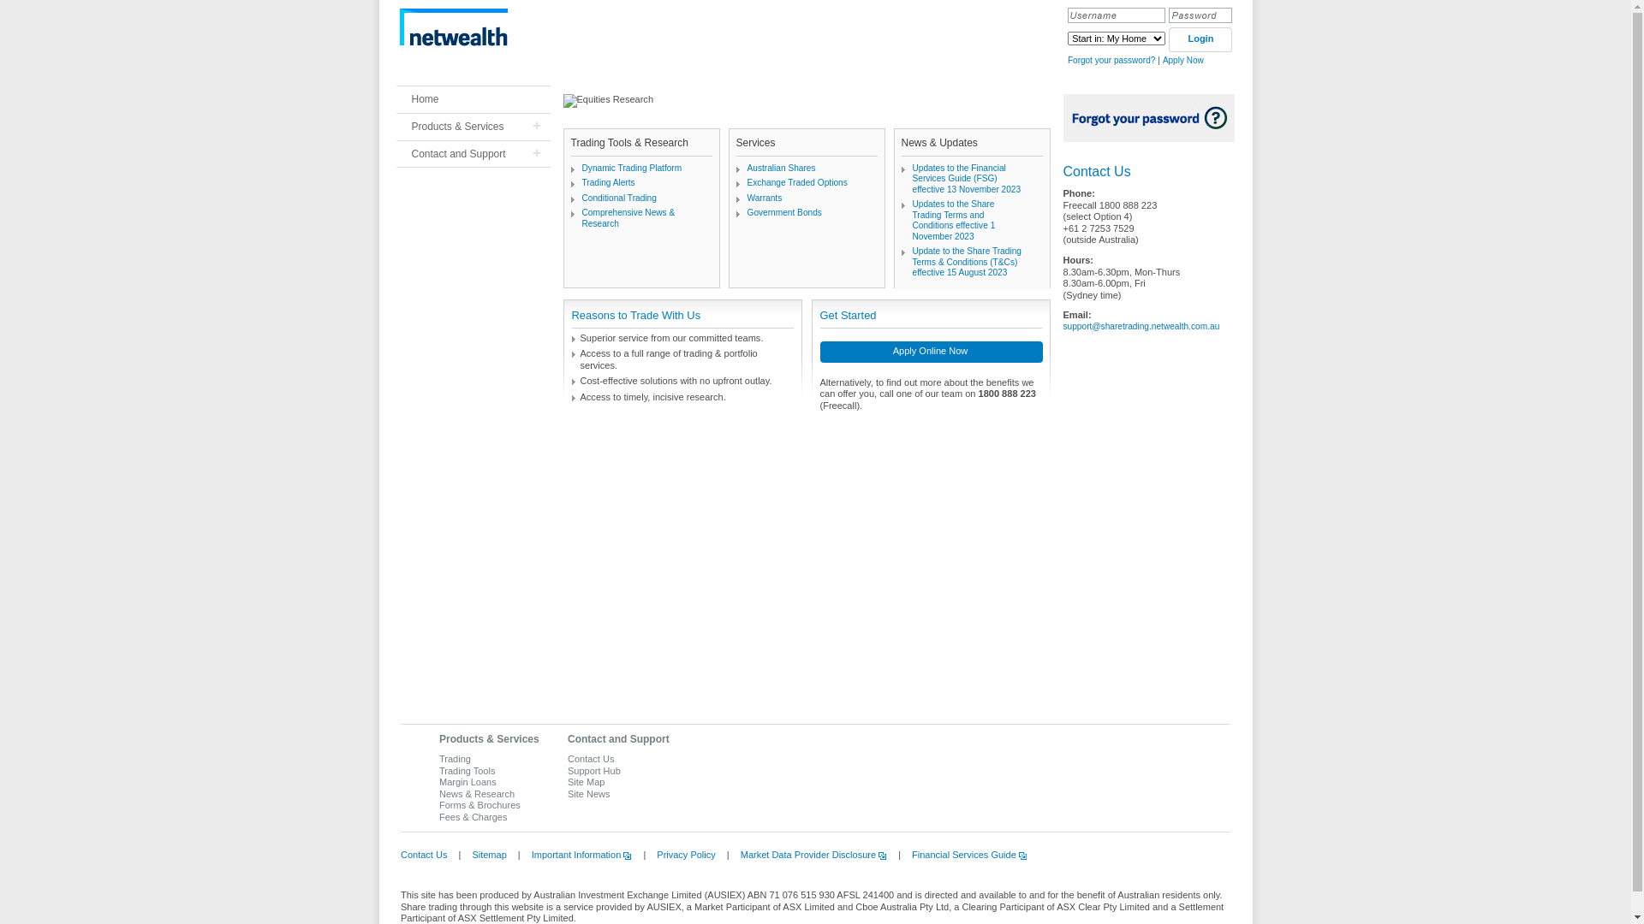 This screenshot has width=1644, height=924. Describe the element at coordinates (484, 855) in the screenshot. I see `'Sitemap'` at that location.